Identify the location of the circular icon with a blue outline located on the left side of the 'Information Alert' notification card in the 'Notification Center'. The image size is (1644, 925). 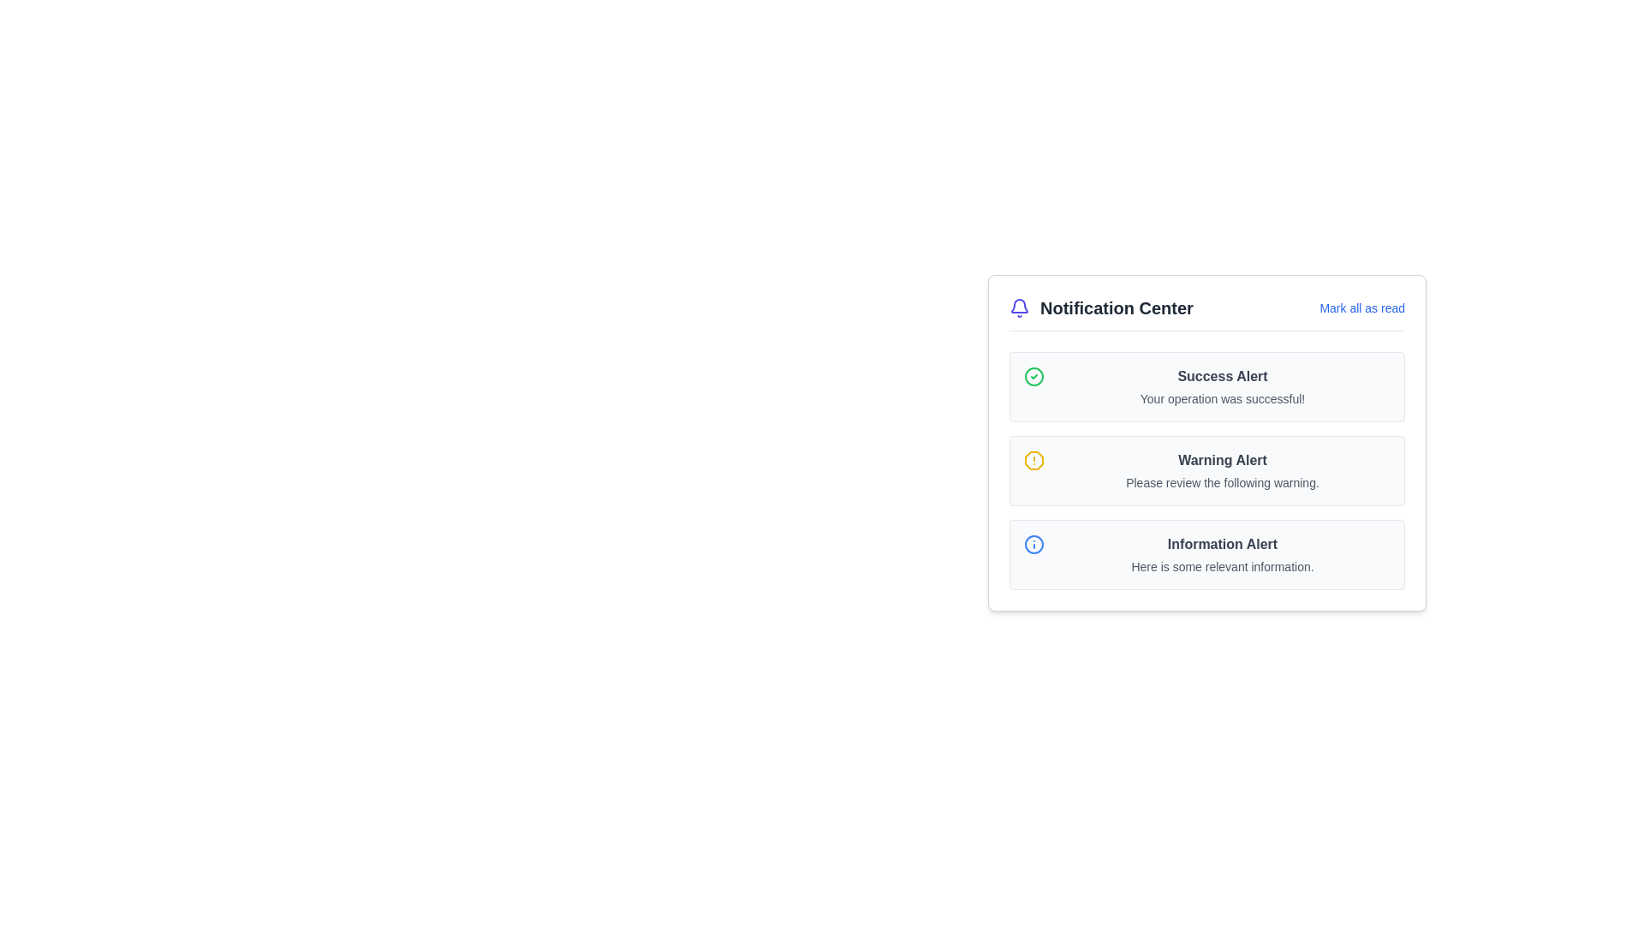
(1033, 545).